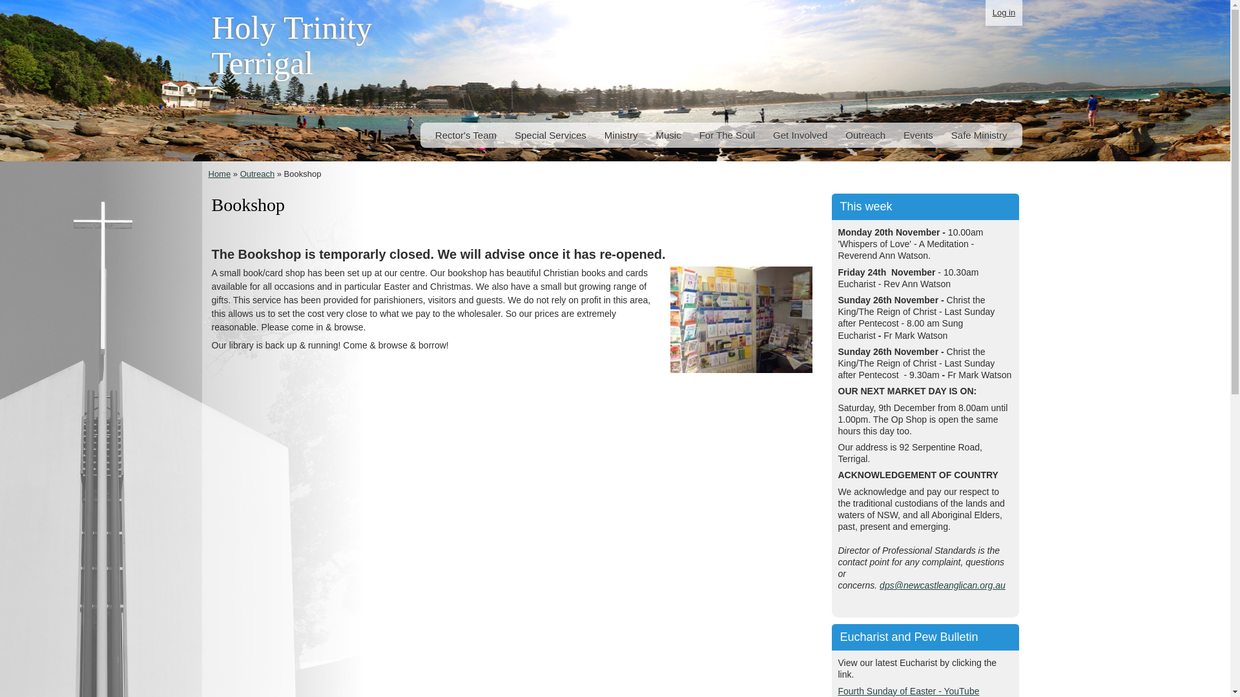 Image resolution: width=1240 pixels, height=697 pixels. Describe the element at coordinates (727, 135) in the screenshot. I see `'For The Soul'` at that location.